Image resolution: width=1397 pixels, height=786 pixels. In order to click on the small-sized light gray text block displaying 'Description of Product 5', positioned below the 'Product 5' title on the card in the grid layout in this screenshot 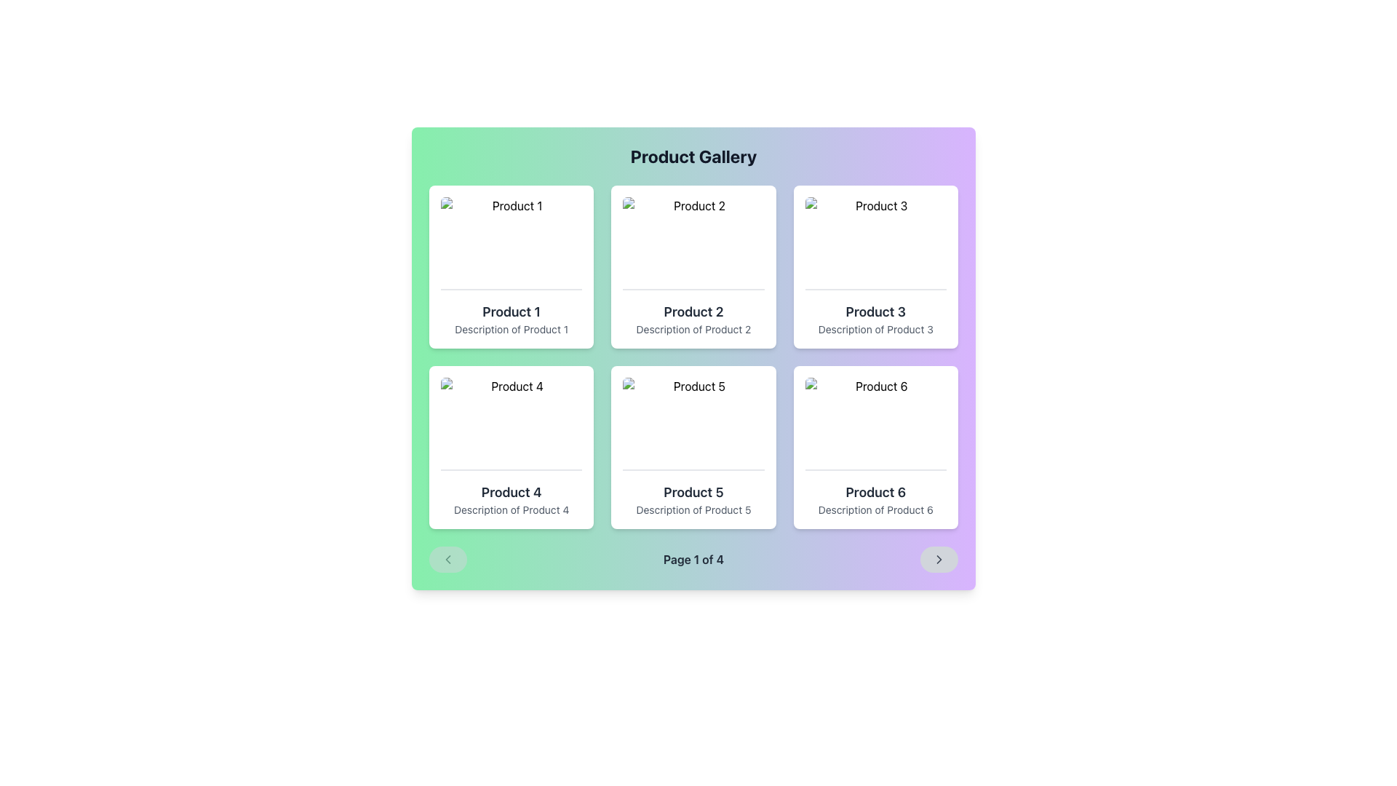, I will do `click(693, 509)`.